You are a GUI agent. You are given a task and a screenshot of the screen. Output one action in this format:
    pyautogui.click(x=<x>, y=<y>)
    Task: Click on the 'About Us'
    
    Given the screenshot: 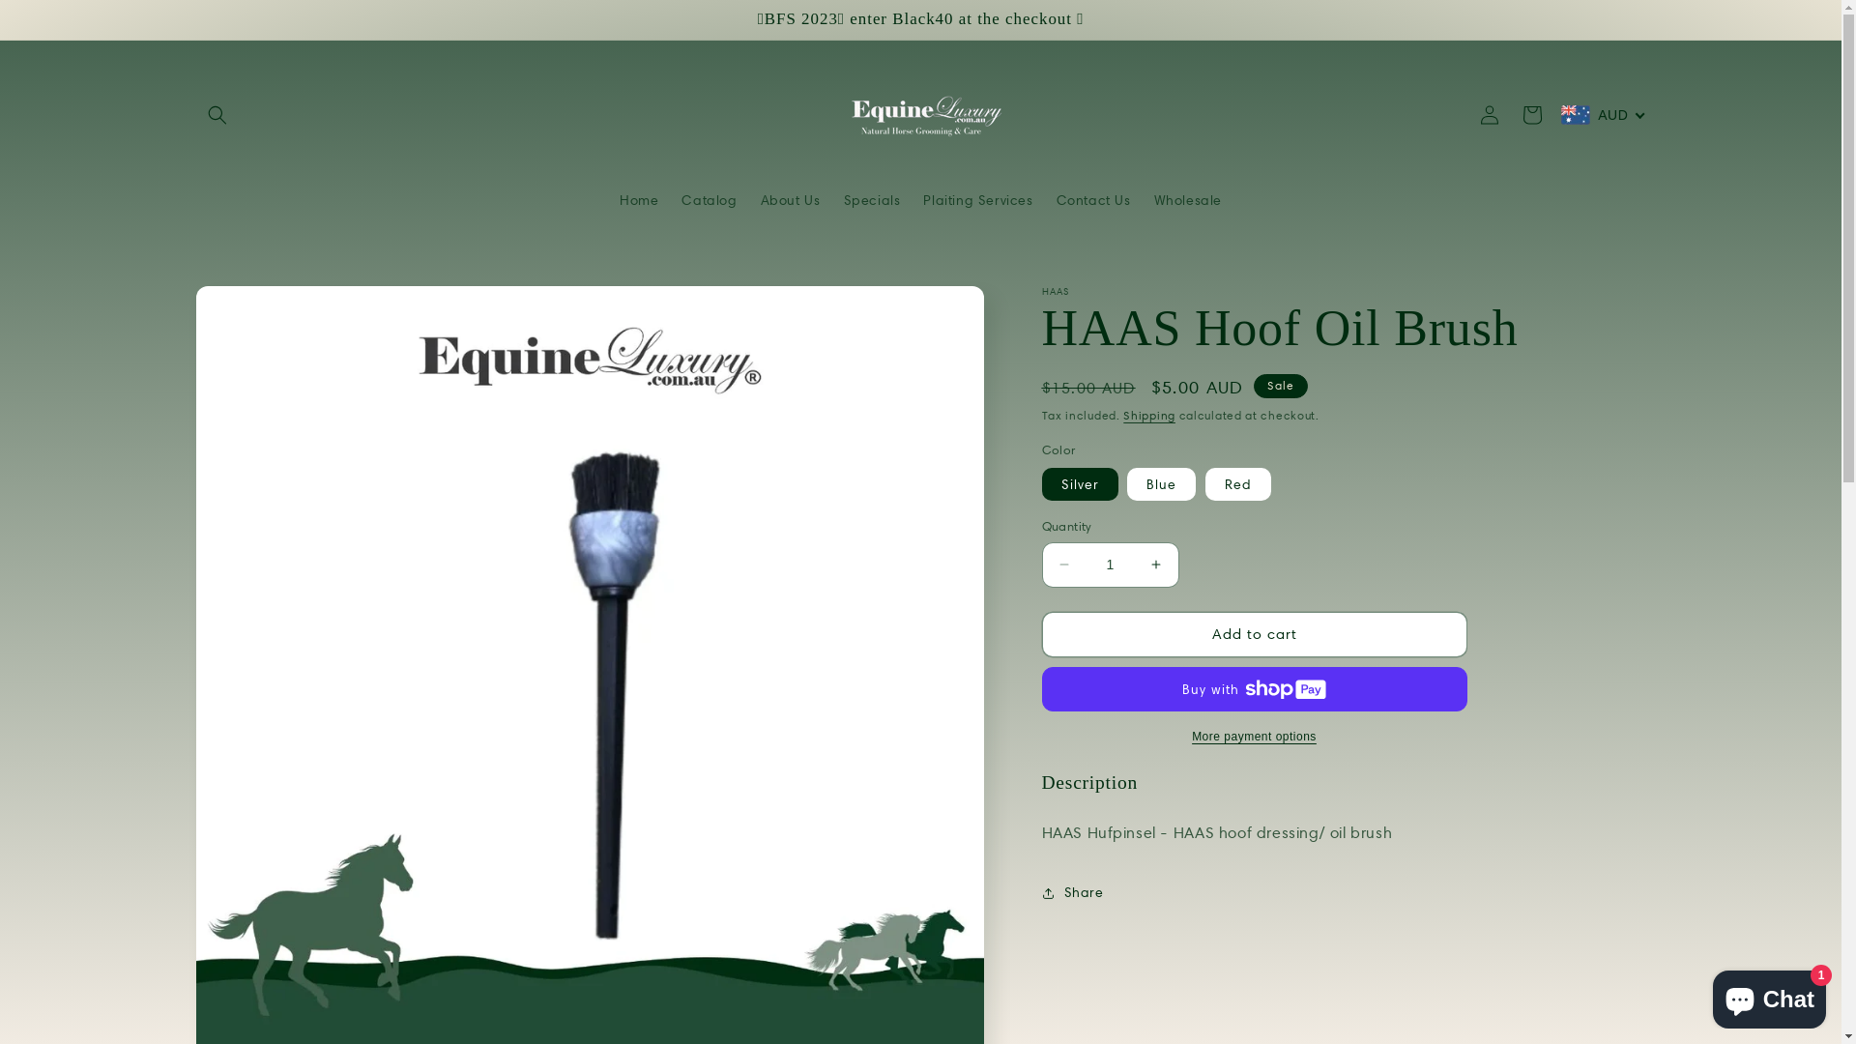 What is the action you would take?
    pyautogui.click(x=790, y=200)
    